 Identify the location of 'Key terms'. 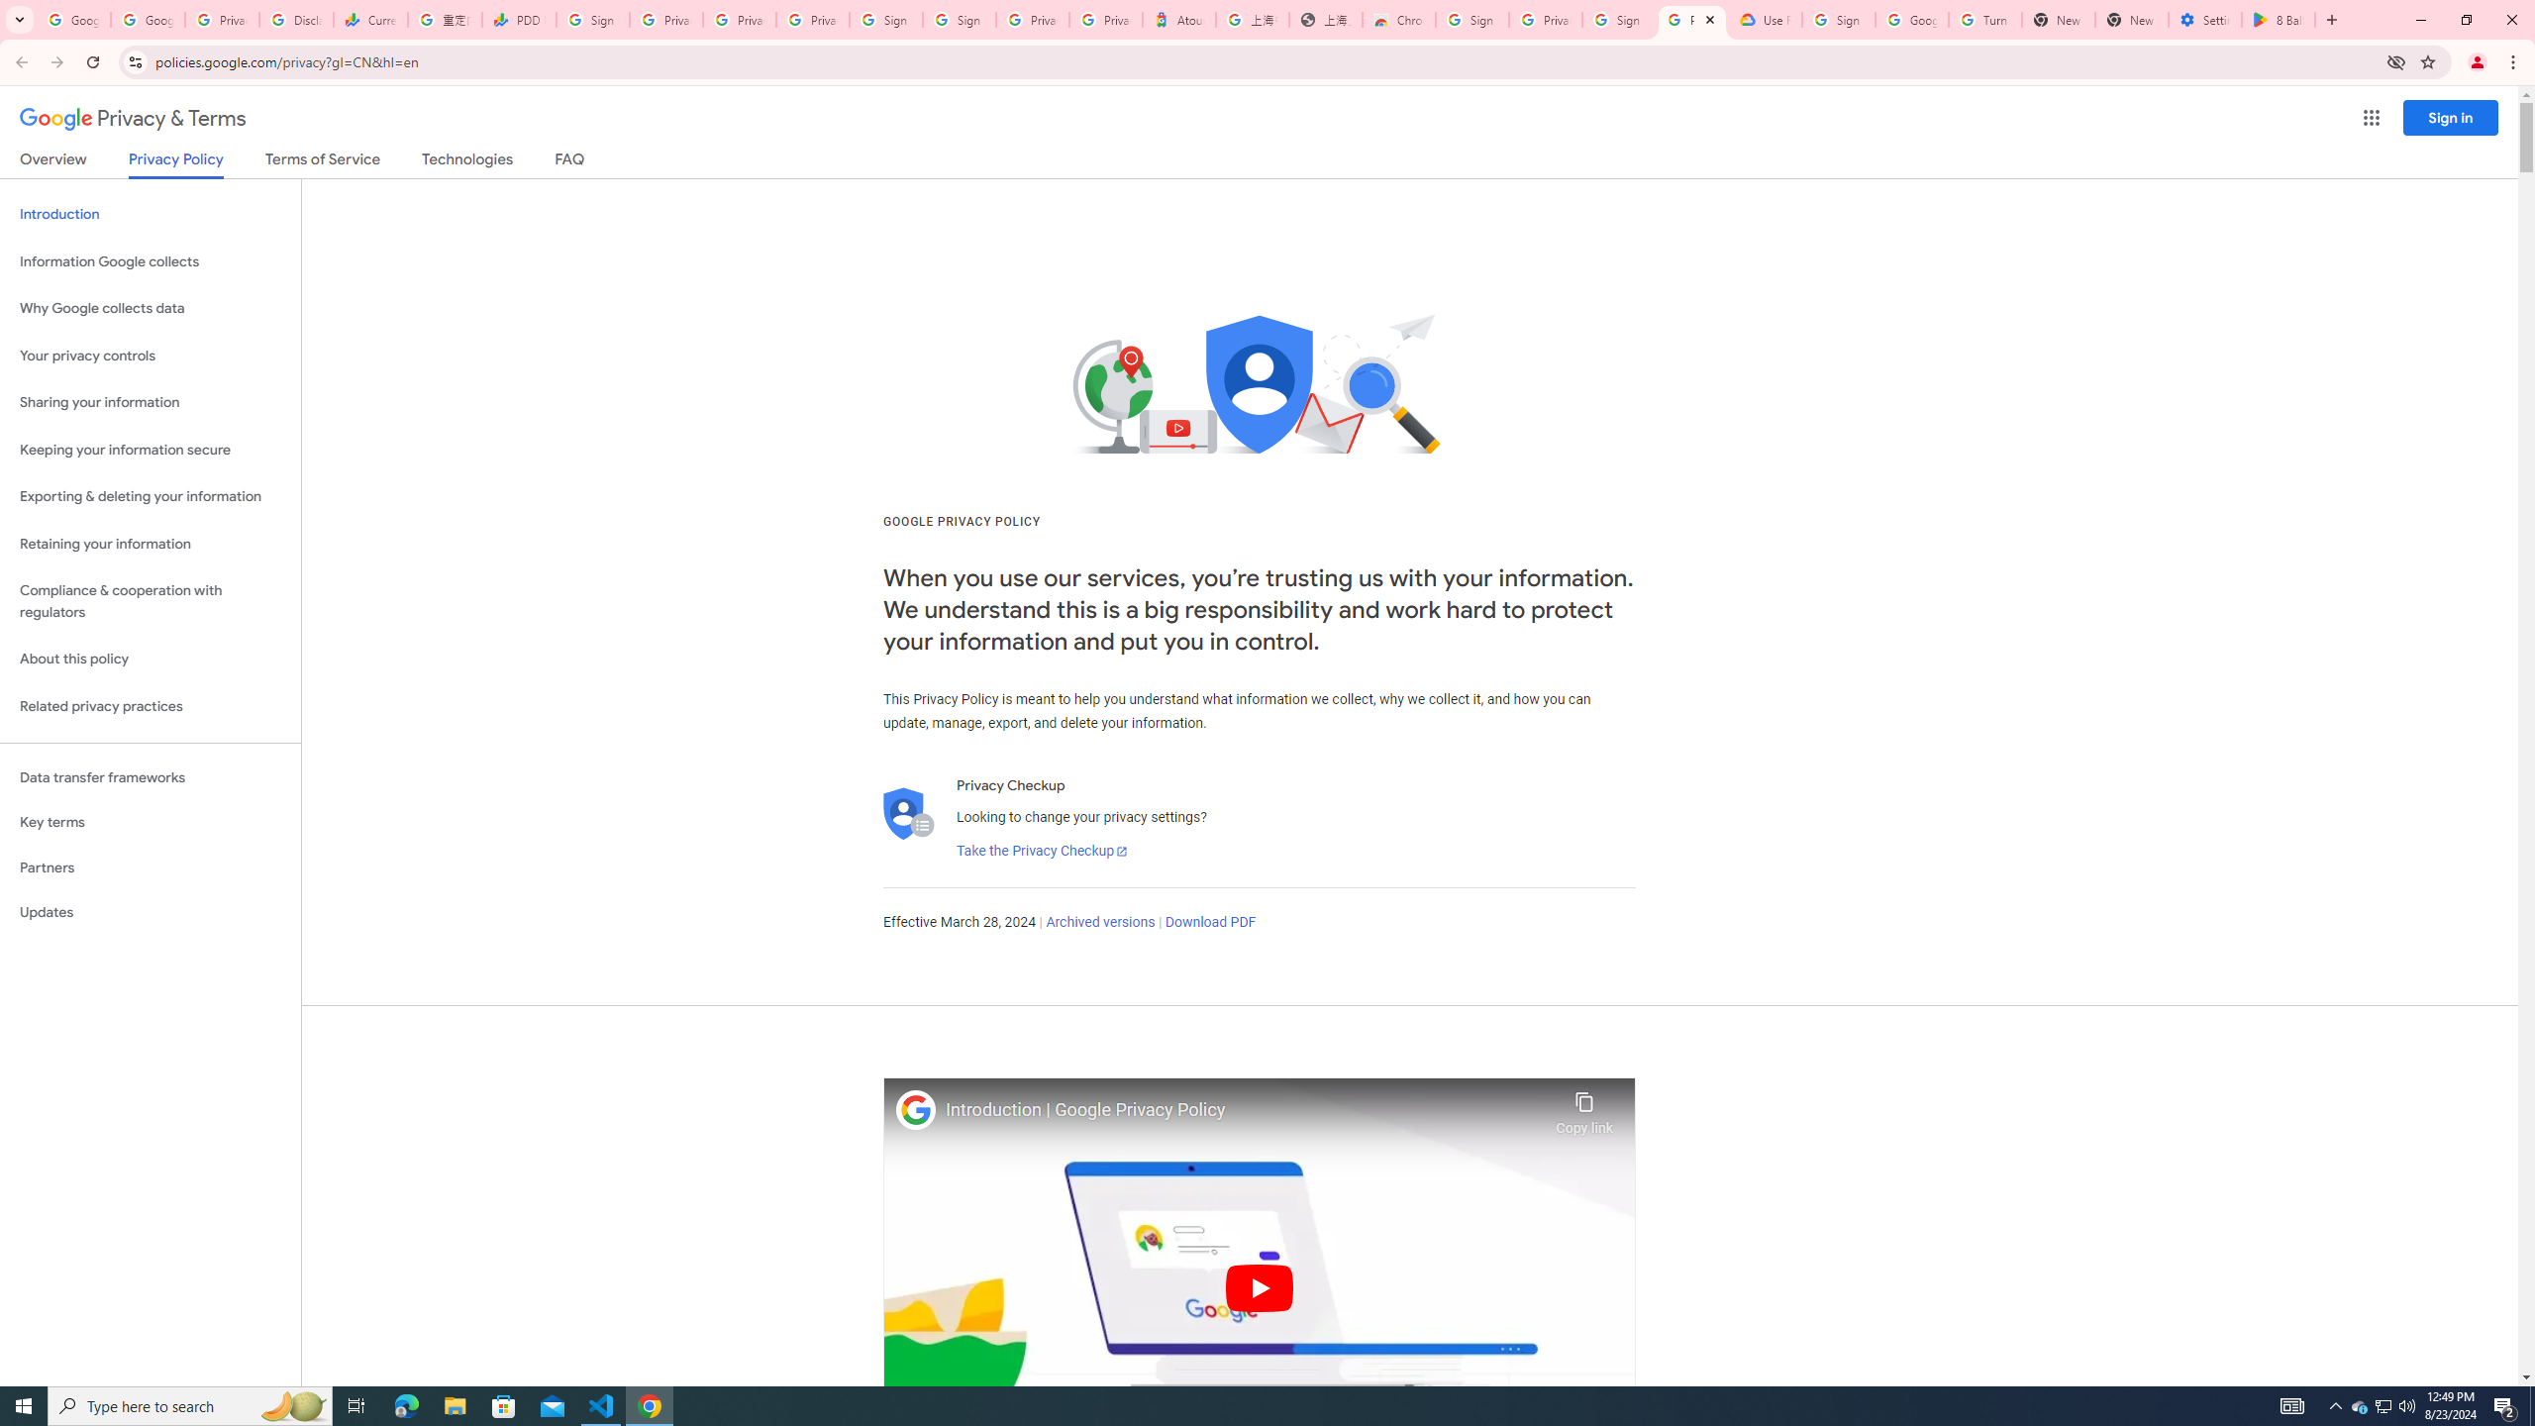
(150, 822).